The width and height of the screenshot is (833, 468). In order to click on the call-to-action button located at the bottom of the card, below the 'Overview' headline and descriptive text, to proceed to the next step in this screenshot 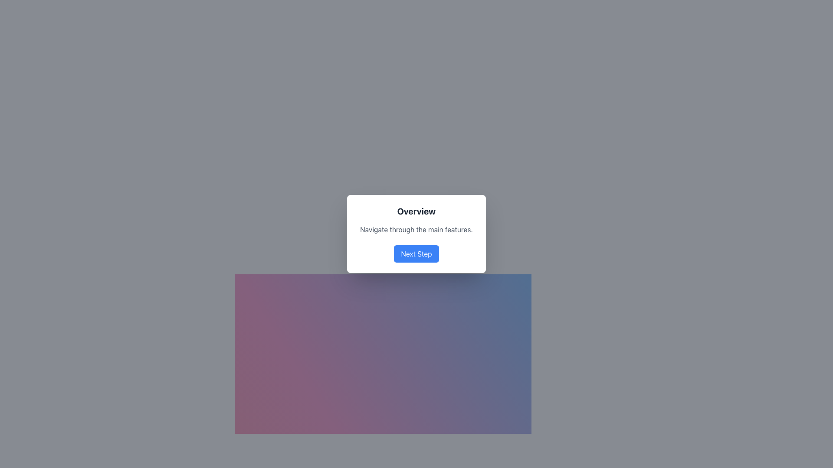, I will do `click(416, 253)`.